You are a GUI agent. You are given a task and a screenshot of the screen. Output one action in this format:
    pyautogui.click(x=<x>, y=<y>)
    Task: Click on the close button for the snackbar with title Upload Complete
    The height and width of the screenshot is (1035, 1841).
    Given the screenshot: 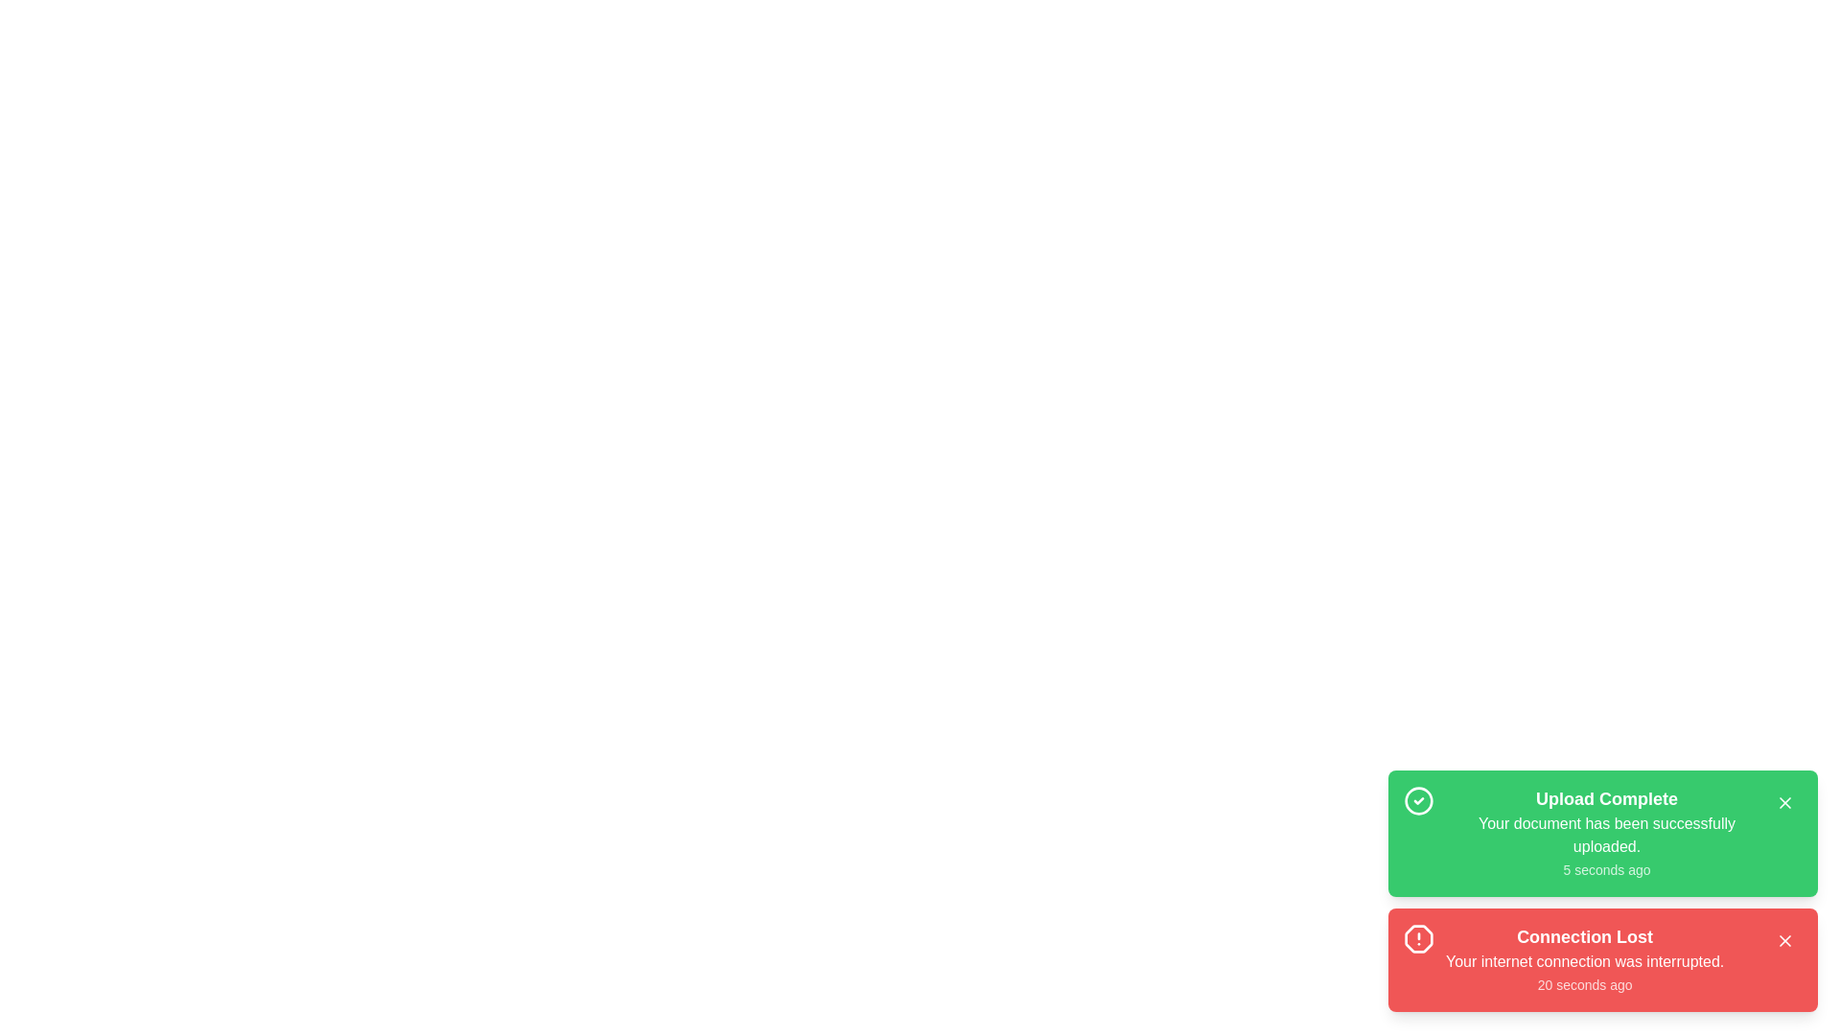 What is the action you would take?
    pyautogui.click(x=1784, y=802)
    